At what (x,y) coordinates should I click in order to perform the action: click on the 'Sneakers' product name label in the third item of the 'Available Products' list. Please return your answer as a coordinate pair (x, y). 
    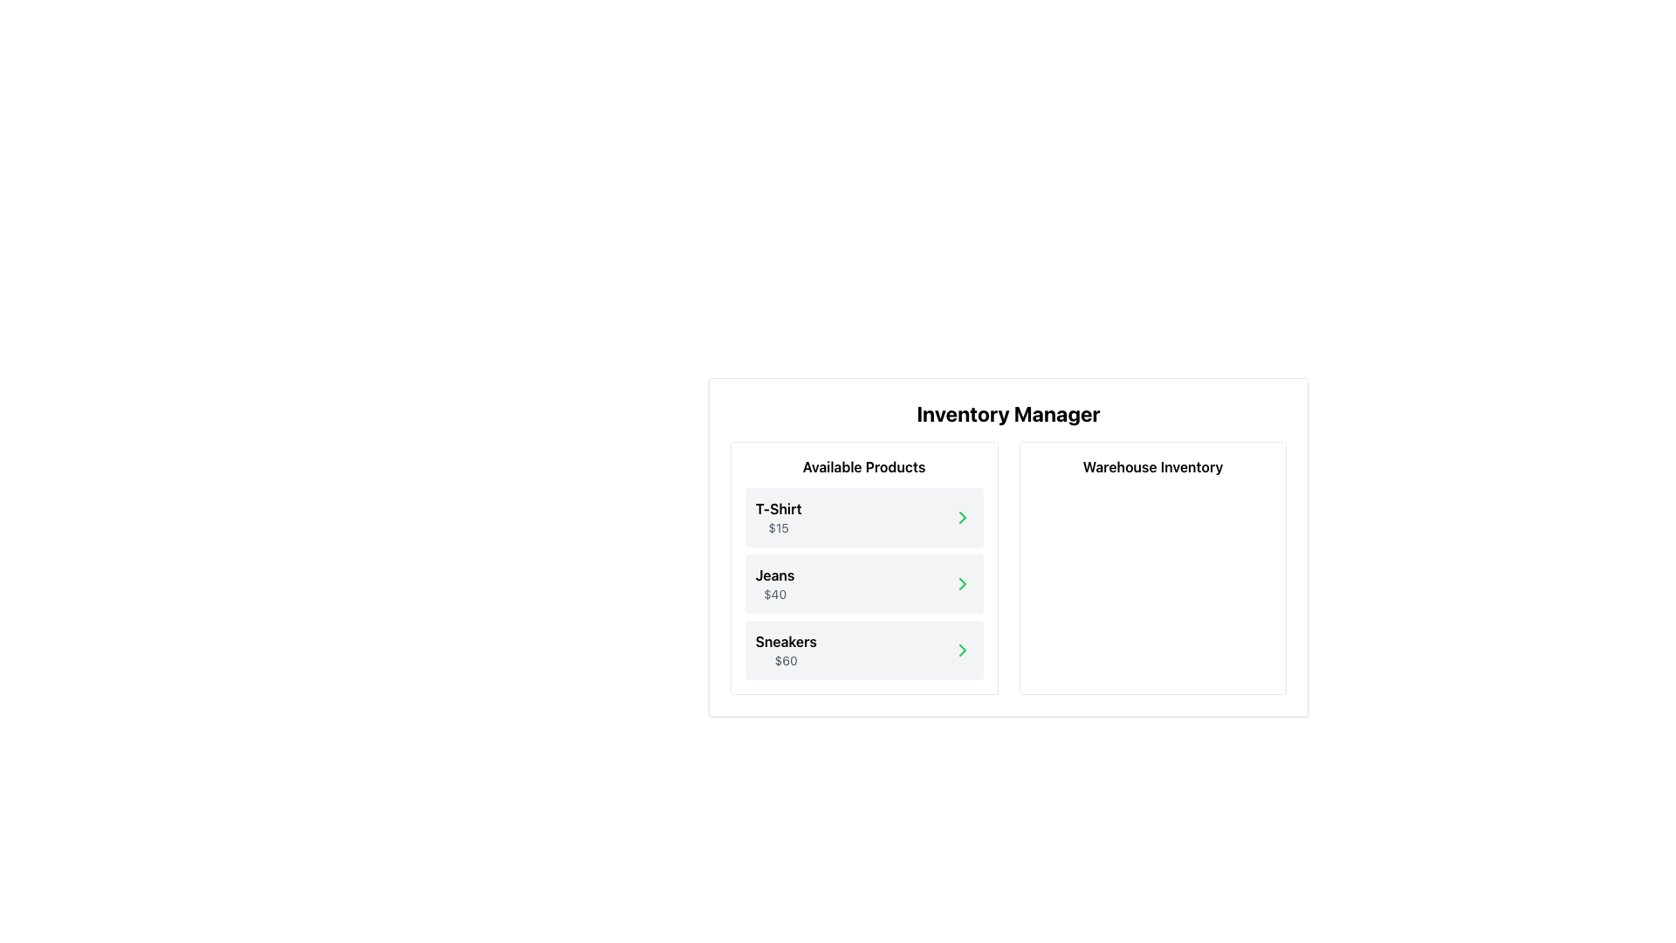
    Looking at the image, I should click on (785, 642).